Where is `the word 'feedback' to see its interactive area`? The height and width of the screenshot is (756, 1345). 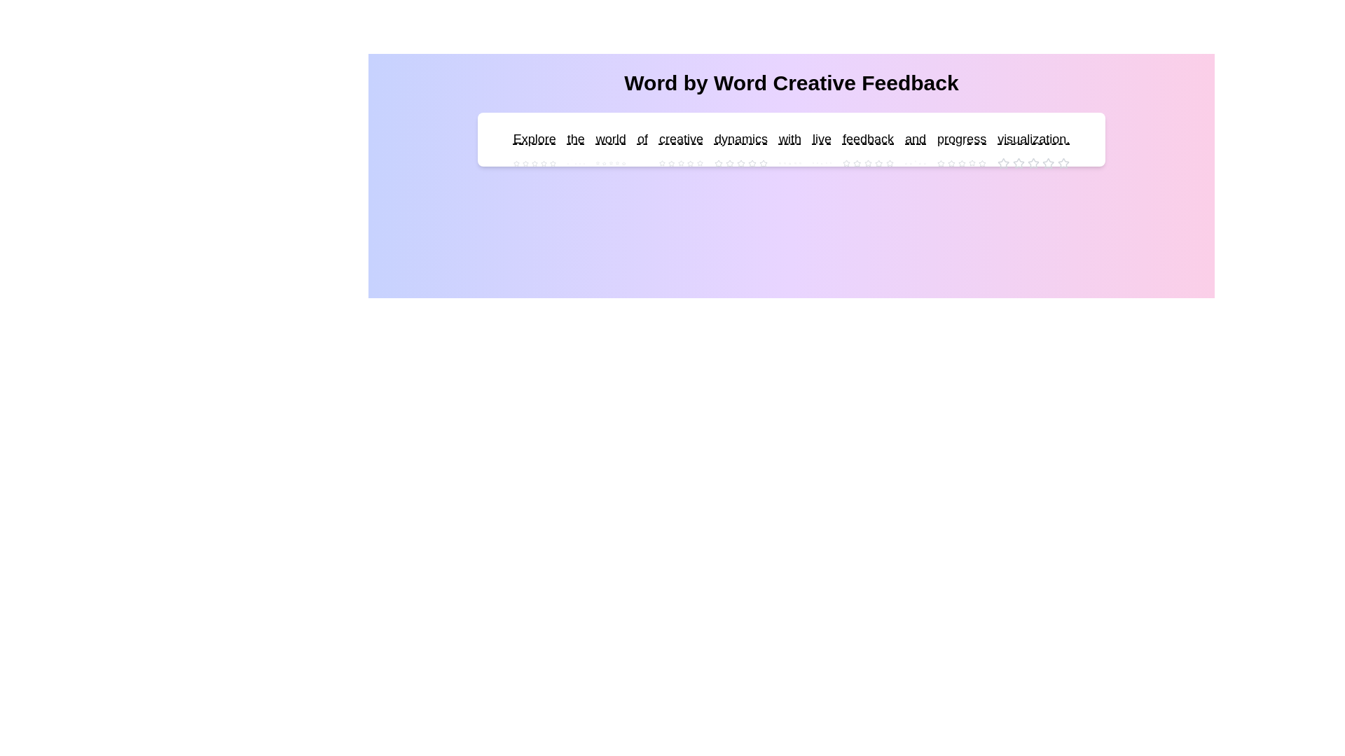 the word 'feedback' to see its interactive area is located at coordinates (867, 139).